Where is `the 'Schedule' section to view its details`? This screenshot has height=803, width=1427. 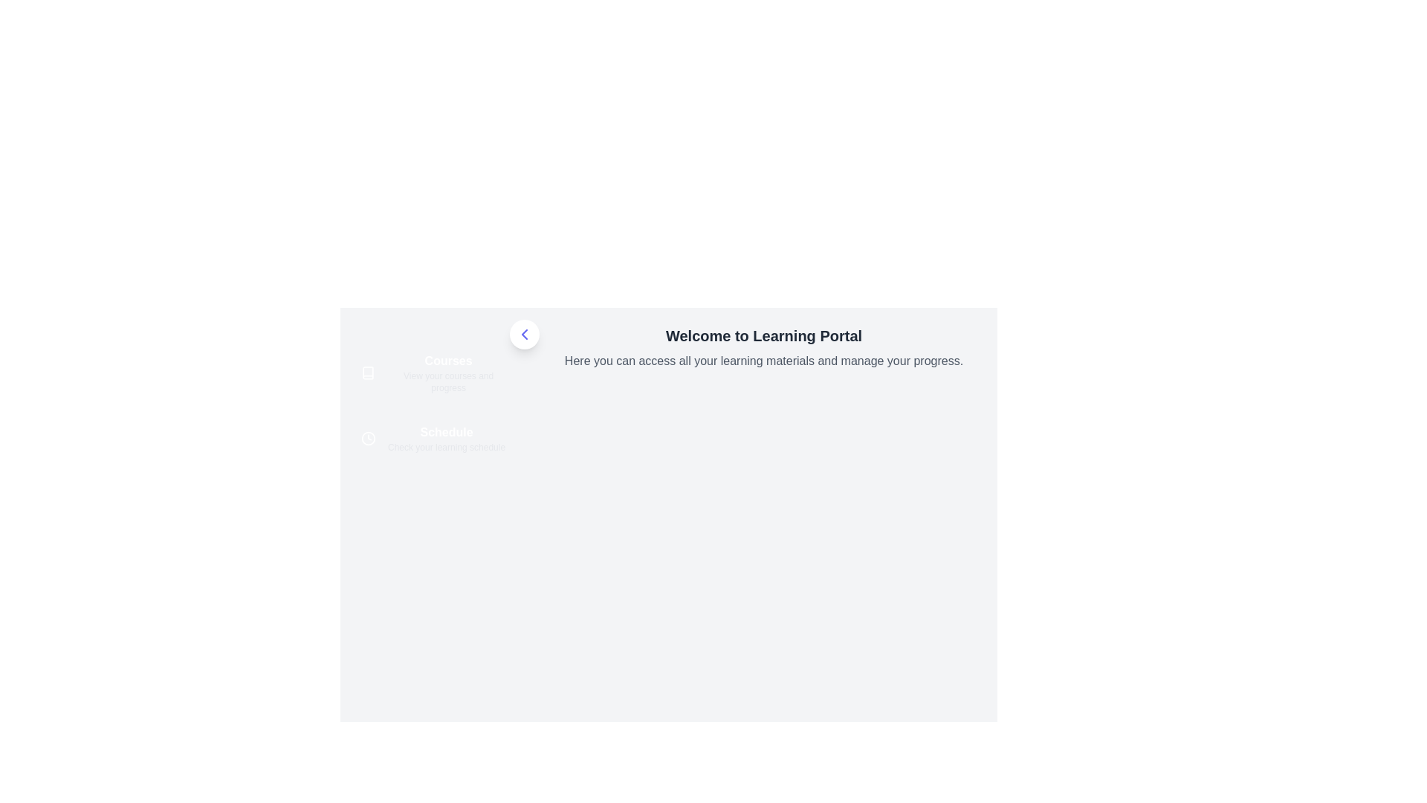 the 'Schedule' section to view its details is located at coordinates (434, 438).